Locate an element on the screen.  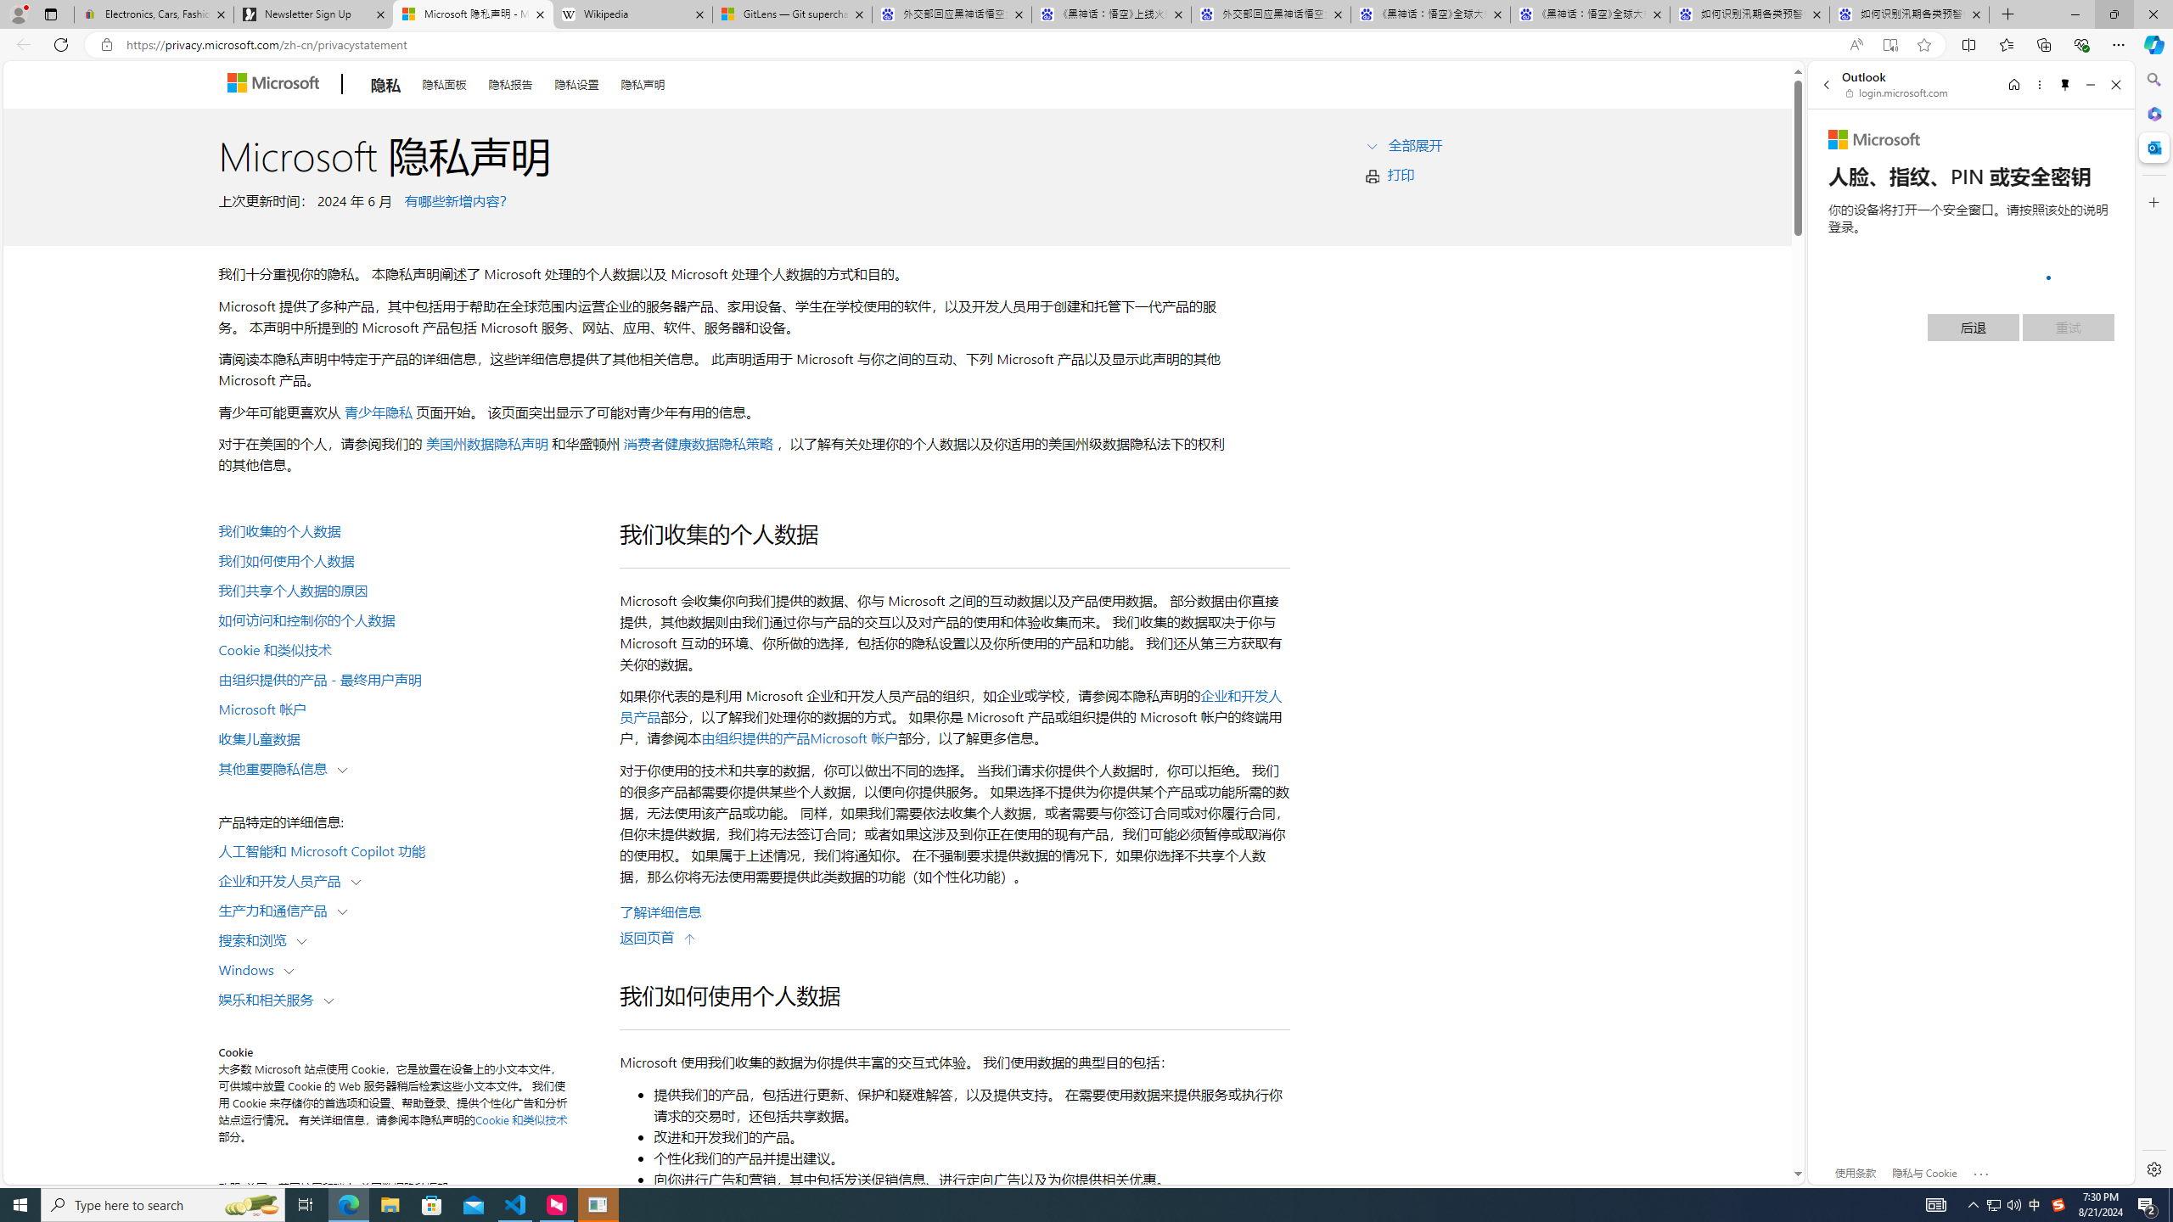
'login.microsoft.com' is located at coordinates (1897, 92).